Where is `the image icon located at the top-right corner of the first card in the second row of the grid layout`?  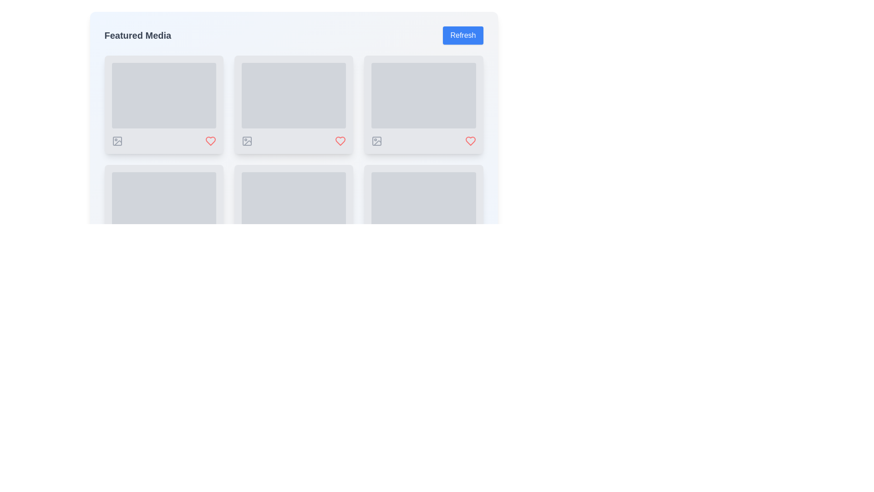 the image icon located at the top-right corner of the first card in the second row of the grid layout is located at coordinates (247, 141).